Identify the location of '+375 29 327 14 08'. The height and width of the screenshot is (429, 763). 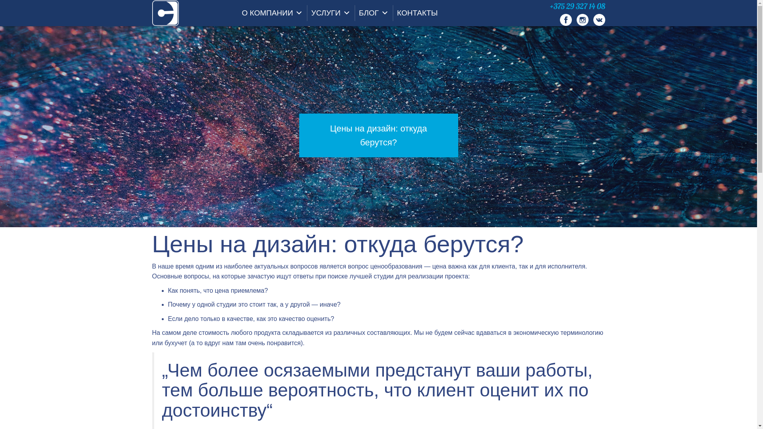
(577, 6).